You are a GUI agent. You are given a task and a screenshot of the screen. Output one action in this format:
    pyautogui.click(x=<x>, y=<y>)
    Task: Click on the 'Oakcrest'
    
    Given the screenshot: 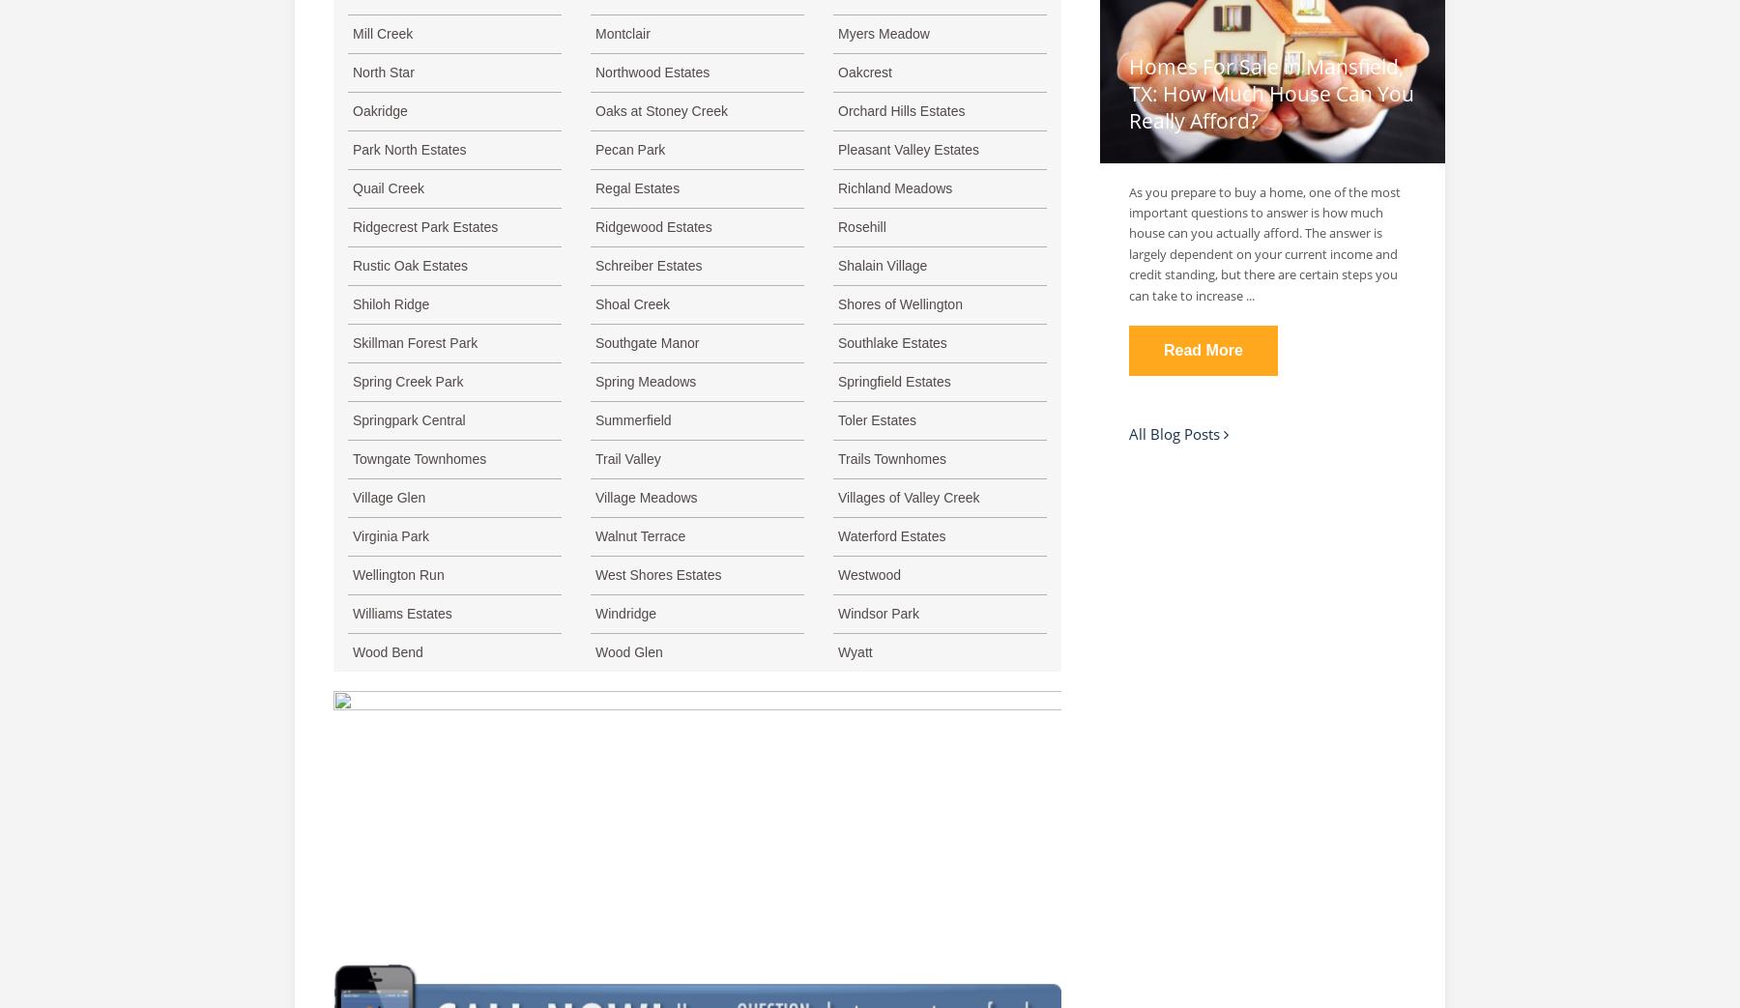 What is the action you would take?
    pyautogui.click(x=864, y=71)
    